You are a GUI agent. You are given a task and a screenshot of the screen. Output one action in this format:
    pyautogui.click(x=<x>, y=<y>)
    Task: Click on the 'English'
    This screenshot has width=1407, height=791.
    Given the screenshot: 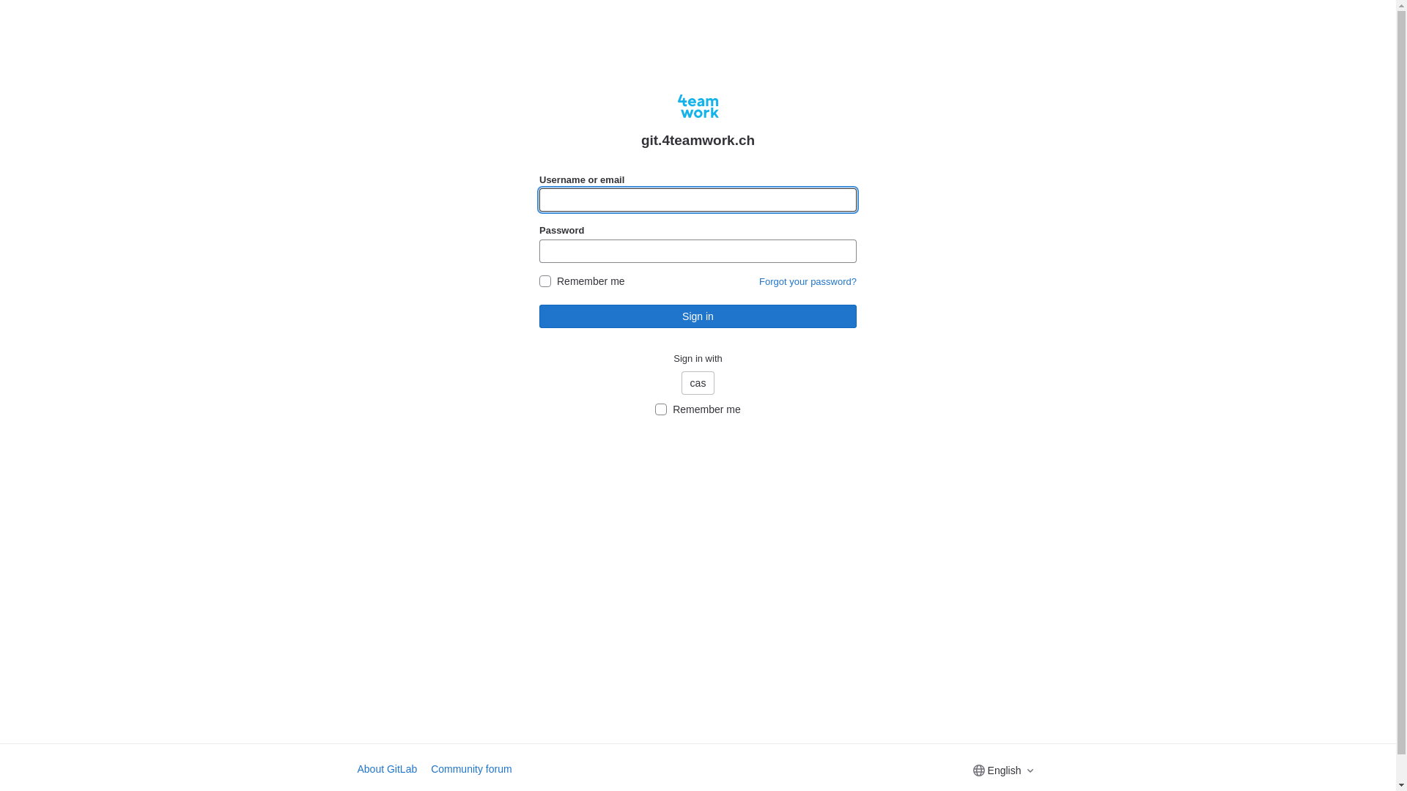 What is the action you would take?
    pyautogui.click(x=1002, y=770)
    